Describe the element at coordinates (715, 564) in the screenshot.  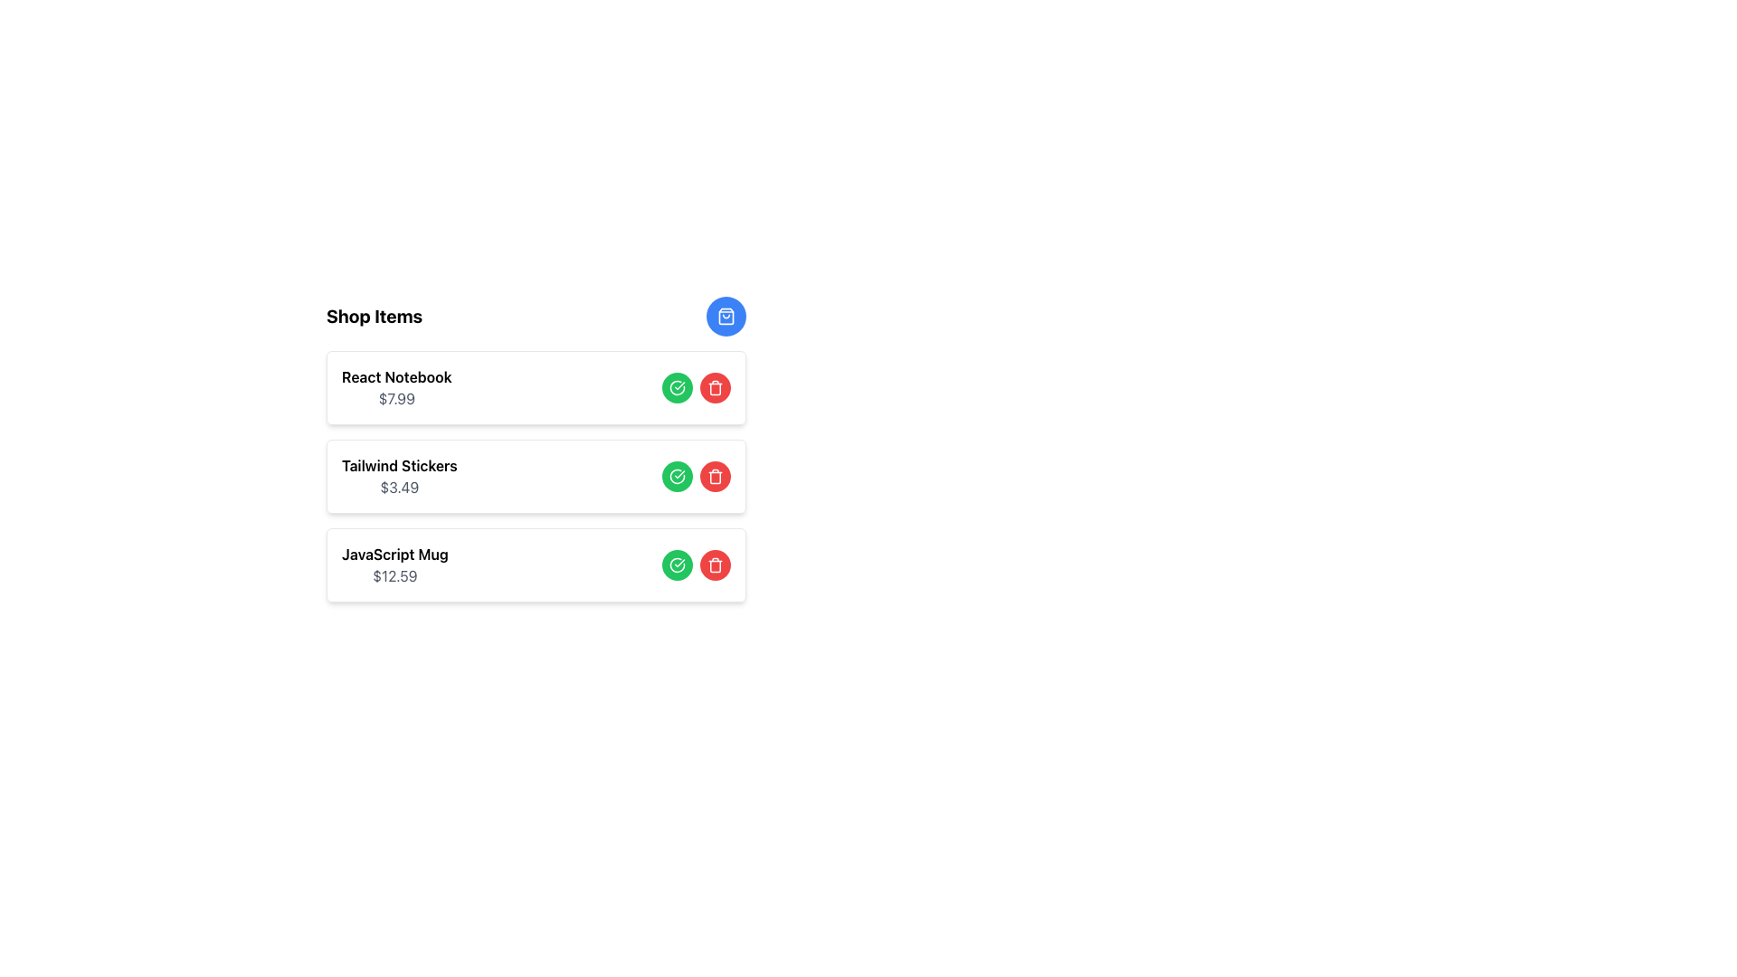
I see `the delete button for the 'JavaScript Mug' item to observe any tooltip or interaction effect` at that location.